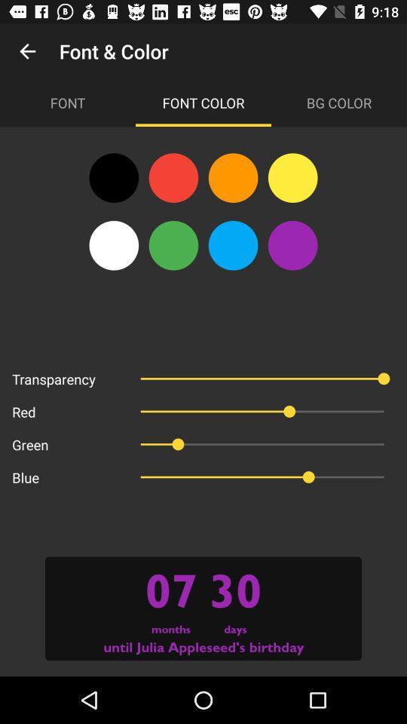 This screenshot has width=407, height=724. What do you see at coordinates (113, 178) in the screenshot?
I see `the avatar icon` at bounding box center [113, 178].